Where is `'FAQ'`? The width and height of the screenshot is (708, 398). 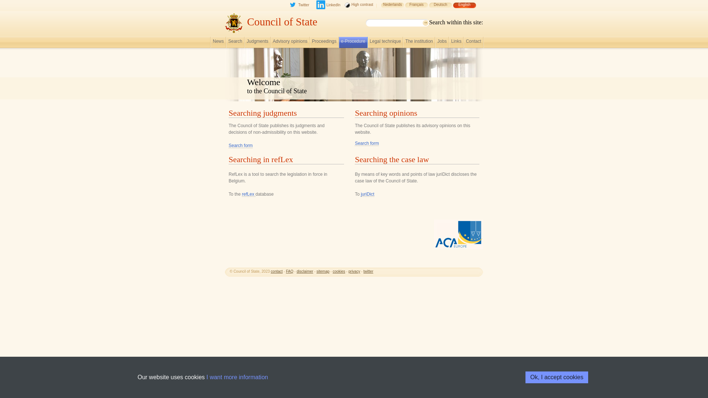 'FAQ' is located at coordinates (285, 271).